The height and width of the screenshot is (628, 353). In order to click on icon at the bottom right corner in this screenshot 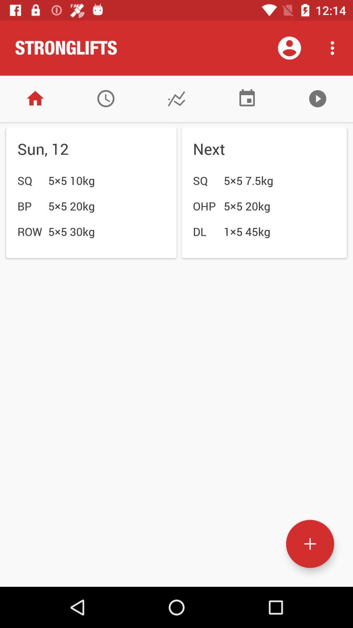, I will do `click(310, 544)`.